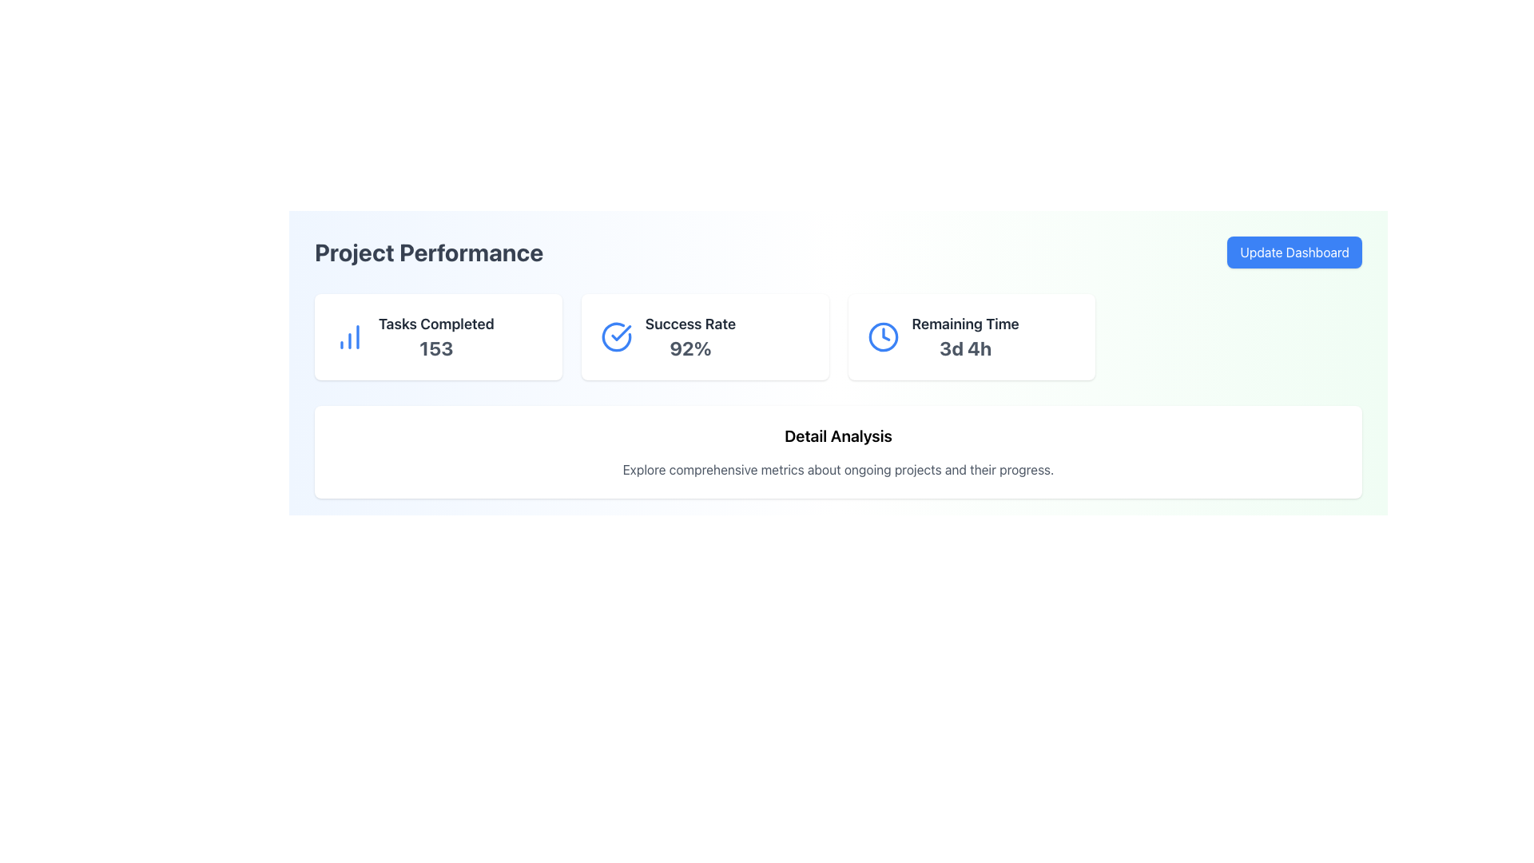 This screenshot has width=1534, height=863. I want to click on the bold, gray percentage label '92%' within the 'Success Rate' section of the 'Project Performance' dashboard, so click(690, 347).